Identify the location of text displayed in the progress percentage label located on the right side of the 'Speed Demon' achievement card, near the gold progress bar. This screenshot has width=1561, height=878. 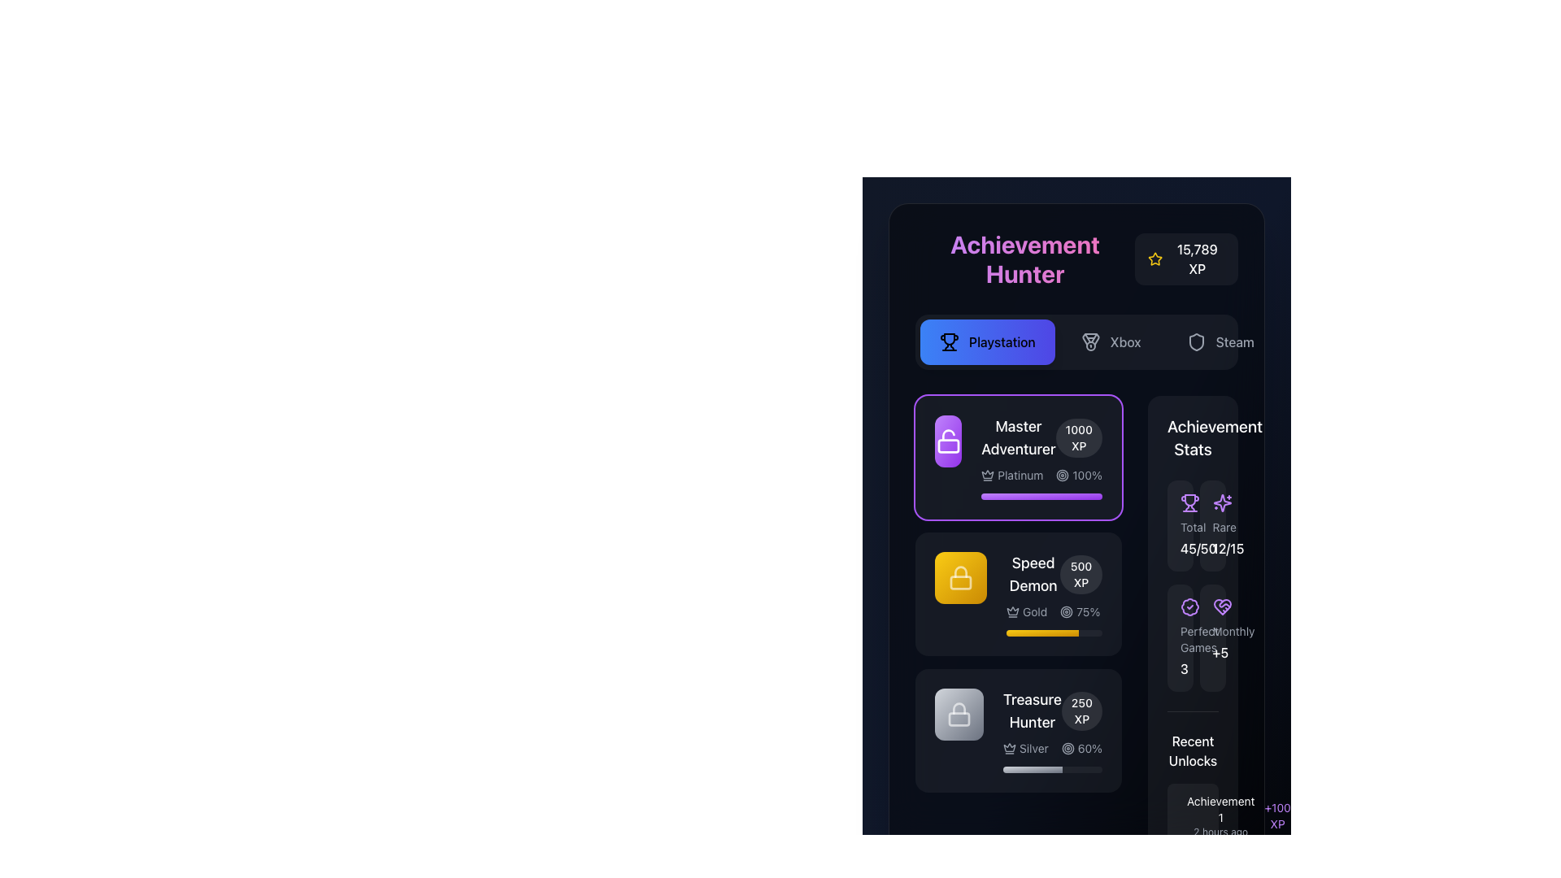
(1088, 611).